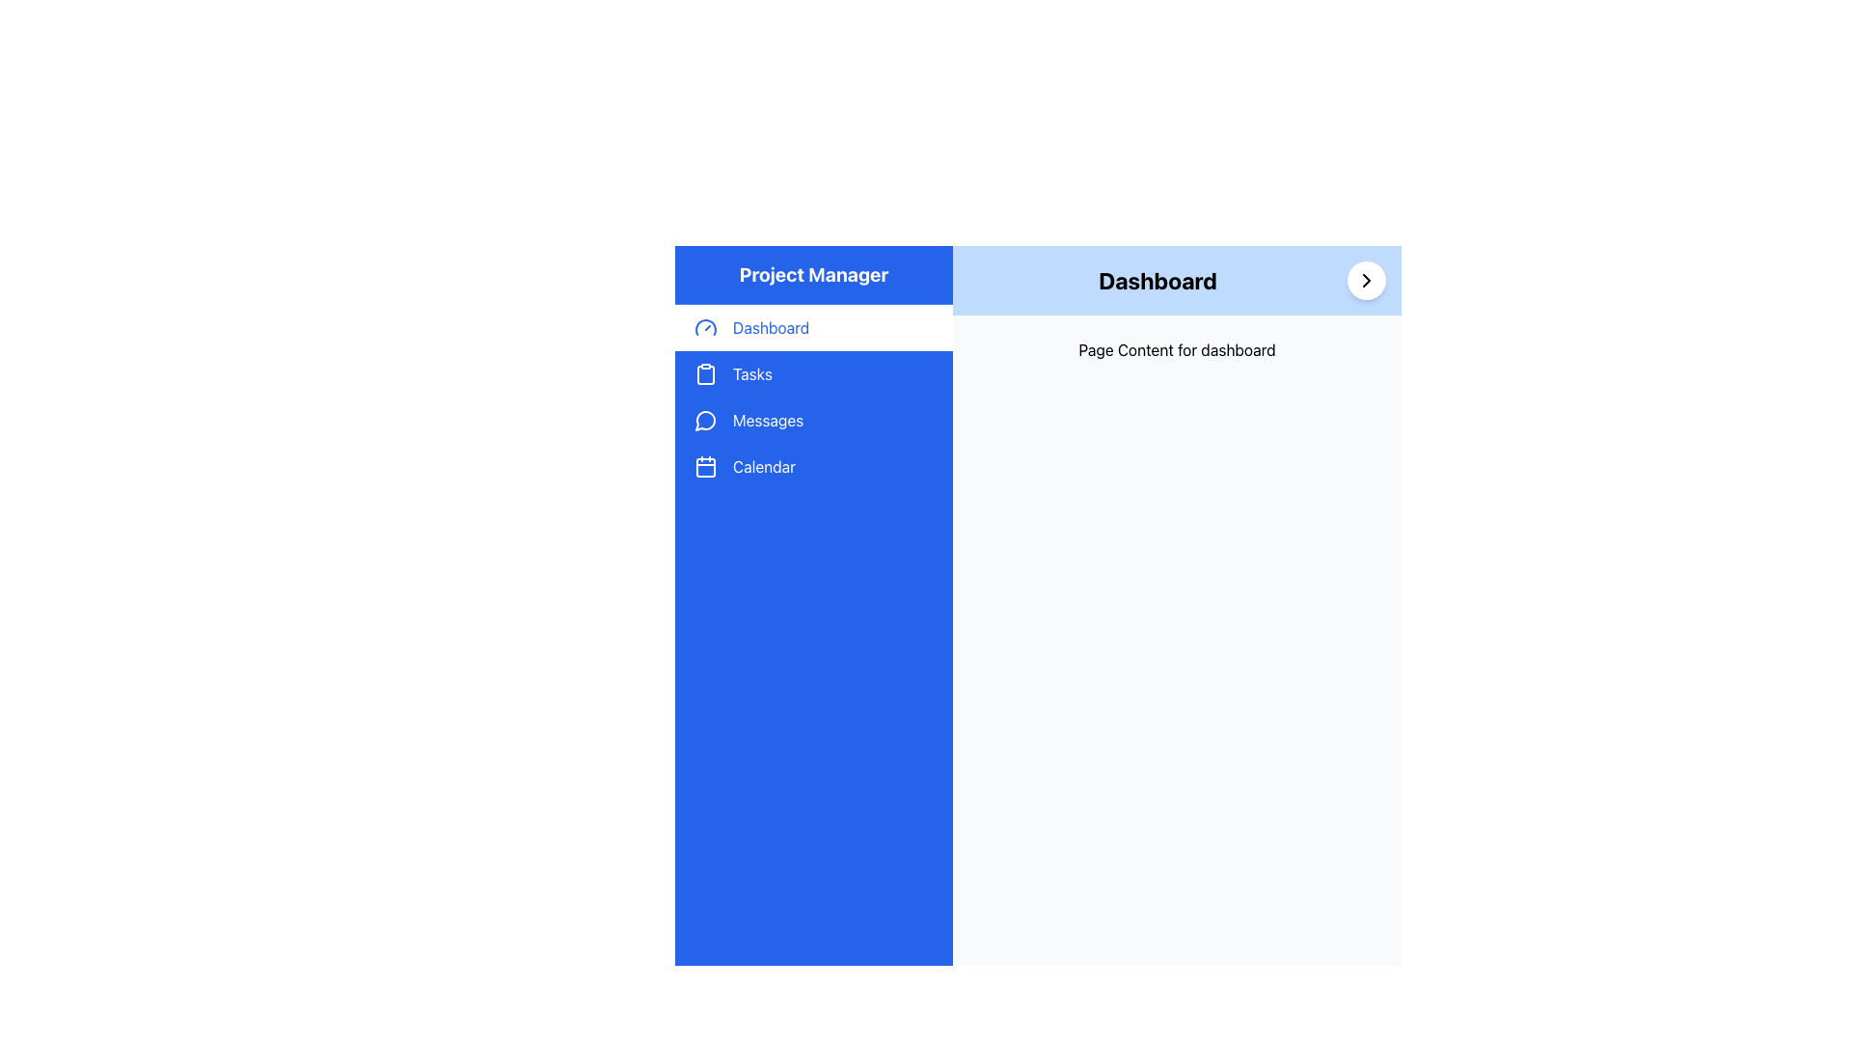  What do you see at coordinates (1365, 280) in the screenshot?
I see `the navigation button located to the right of the 'Dashboard' text in the blue header strip` at bounding box center [1365, 280].